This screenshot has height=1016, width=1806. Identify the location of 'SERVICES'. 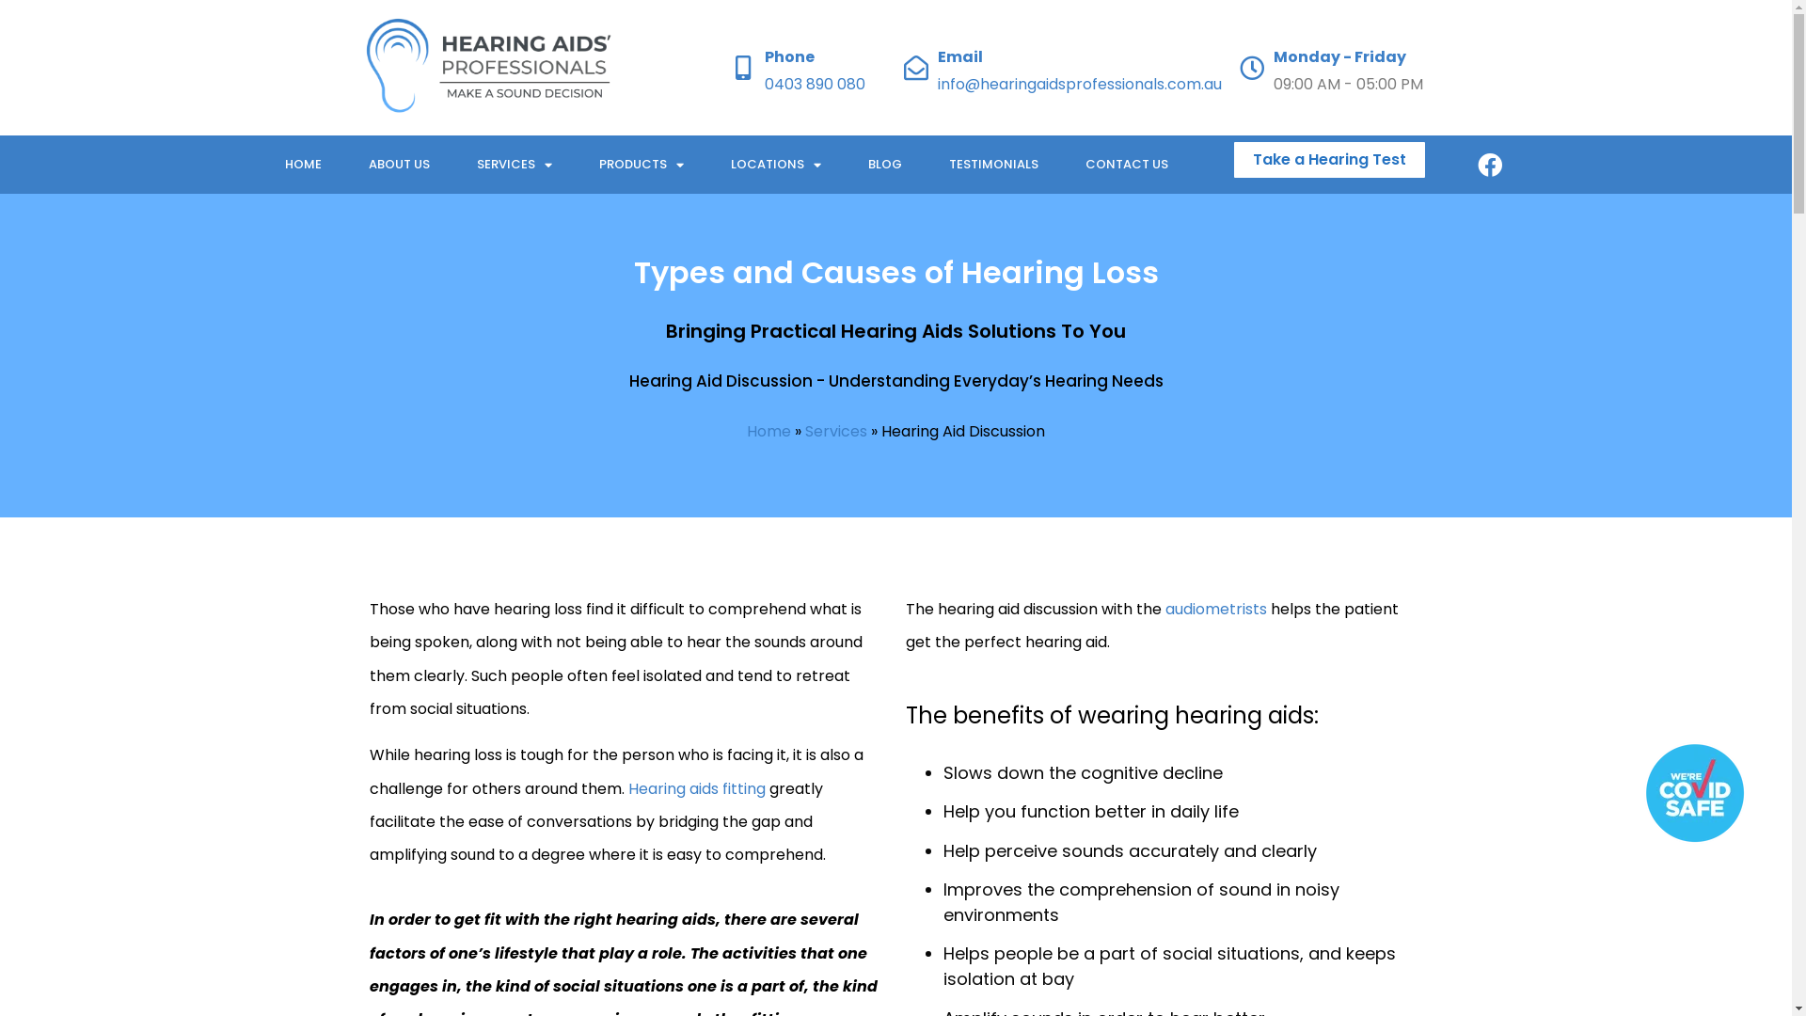
(515, 163).